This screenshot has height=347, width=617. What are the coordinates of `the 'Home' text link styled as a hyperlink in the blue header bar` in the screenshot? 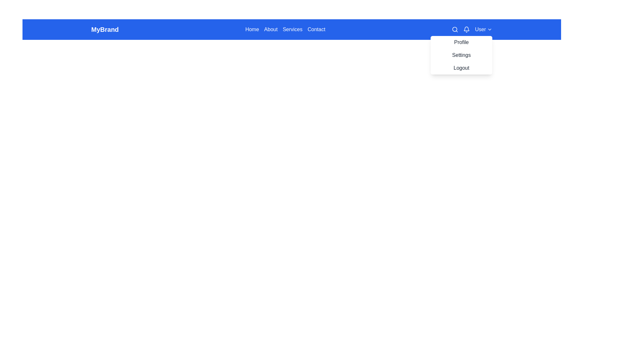 It's located at (252, 30).